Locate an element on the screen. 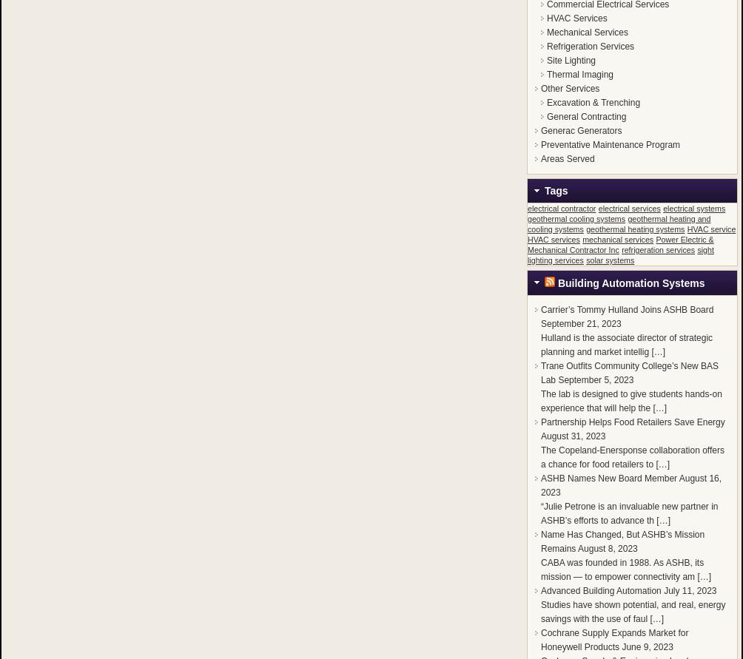 The image size is (743, 659). 'sight lighting services' is located at coordinates (620, 254).